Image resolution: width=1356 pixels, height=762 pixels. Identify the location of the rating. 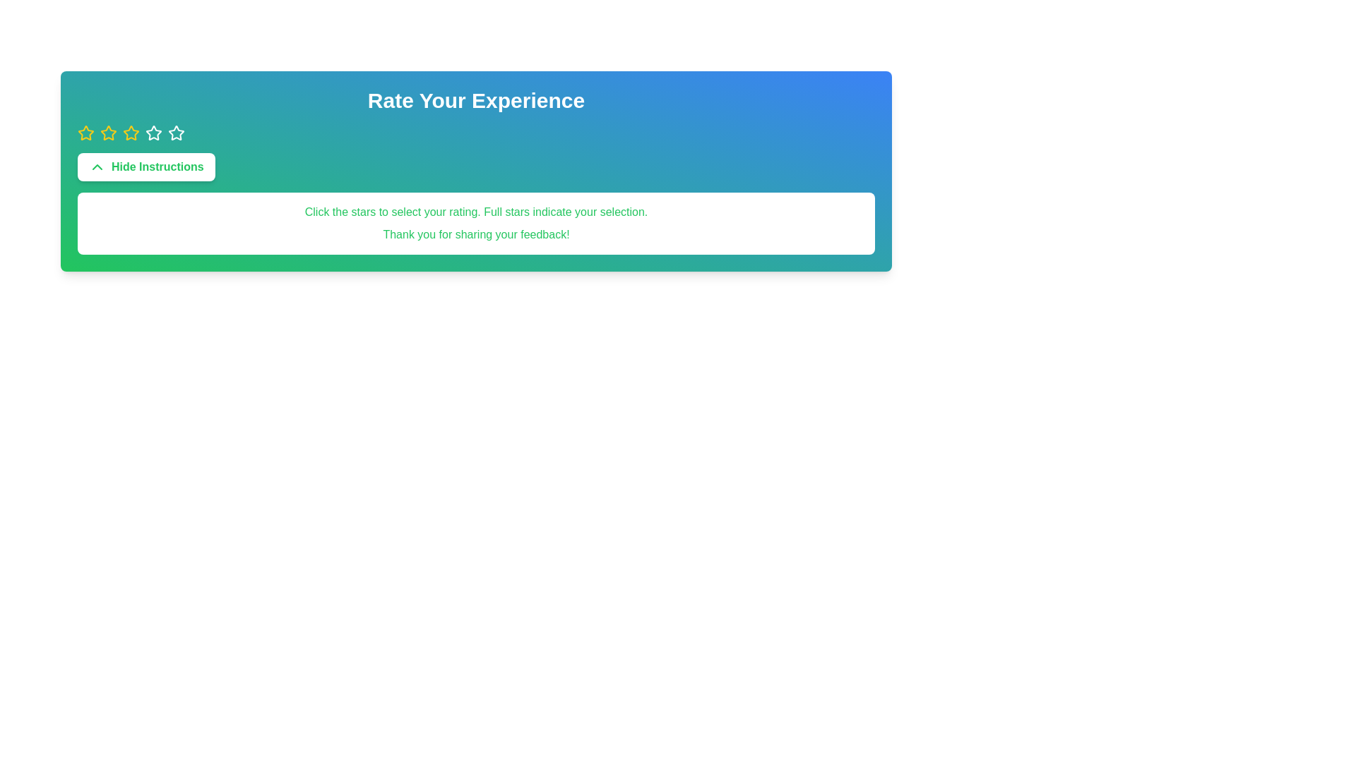
(107, 133).